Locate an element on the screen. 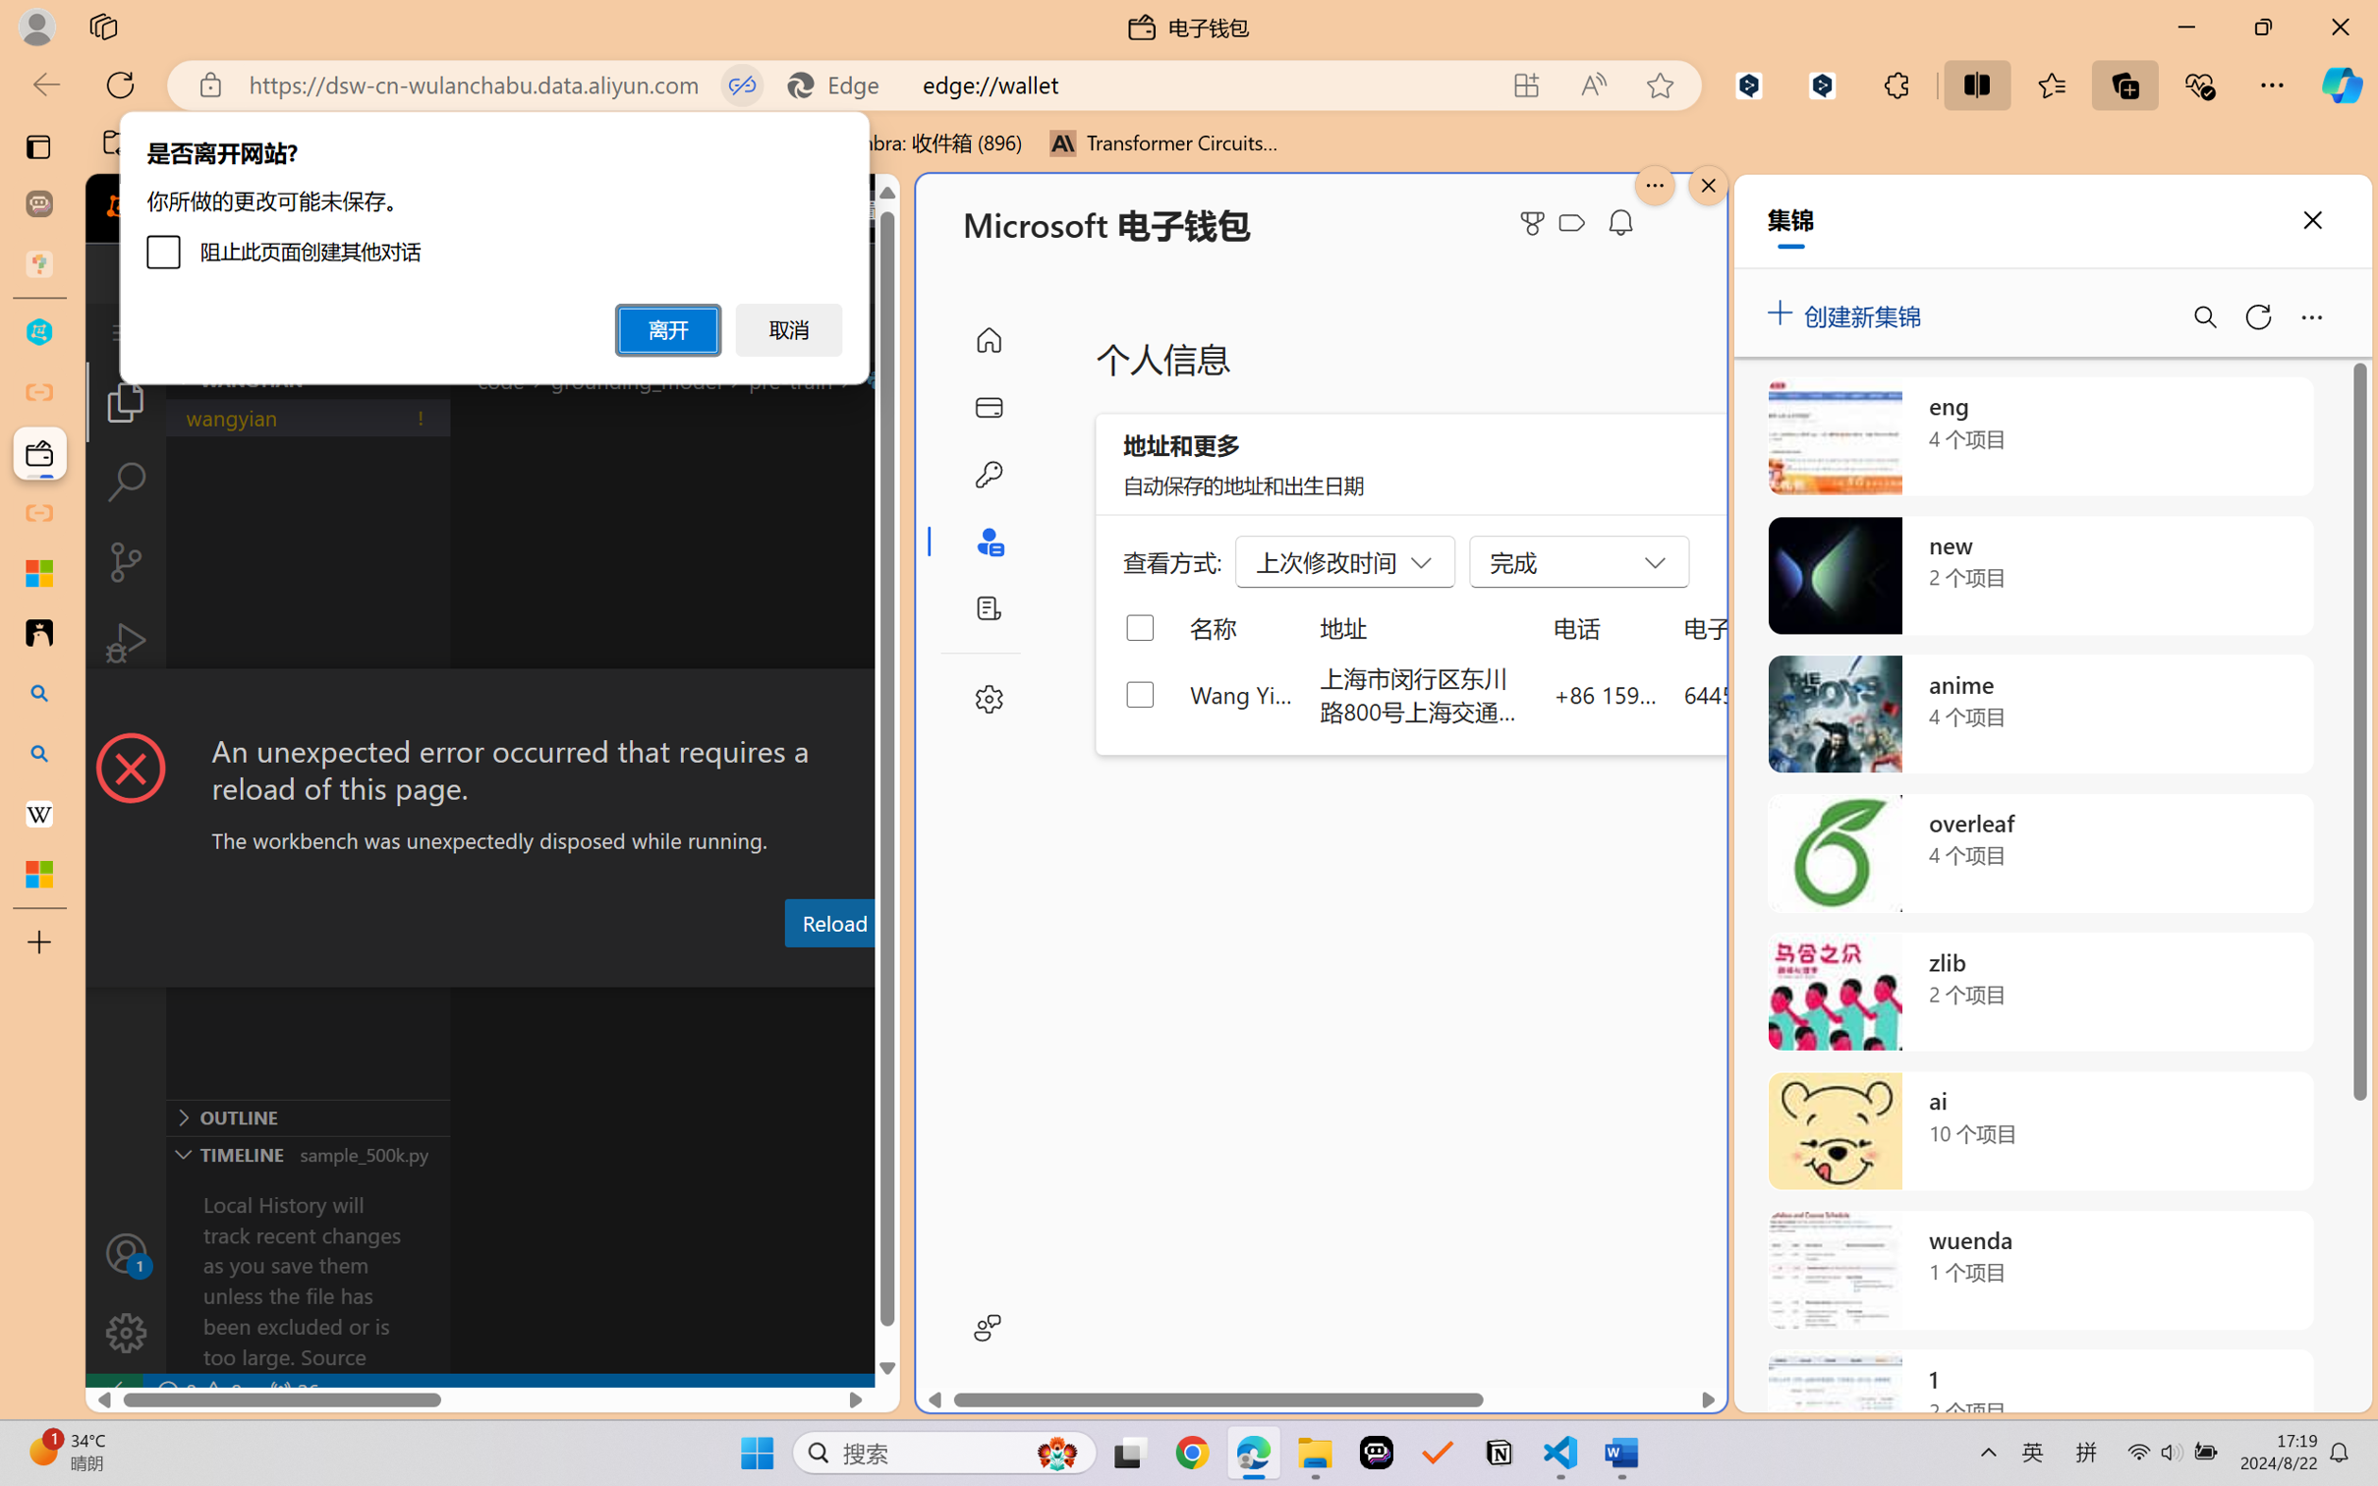  'Microsoft Cashback' is located at coordinates (1575, 223).